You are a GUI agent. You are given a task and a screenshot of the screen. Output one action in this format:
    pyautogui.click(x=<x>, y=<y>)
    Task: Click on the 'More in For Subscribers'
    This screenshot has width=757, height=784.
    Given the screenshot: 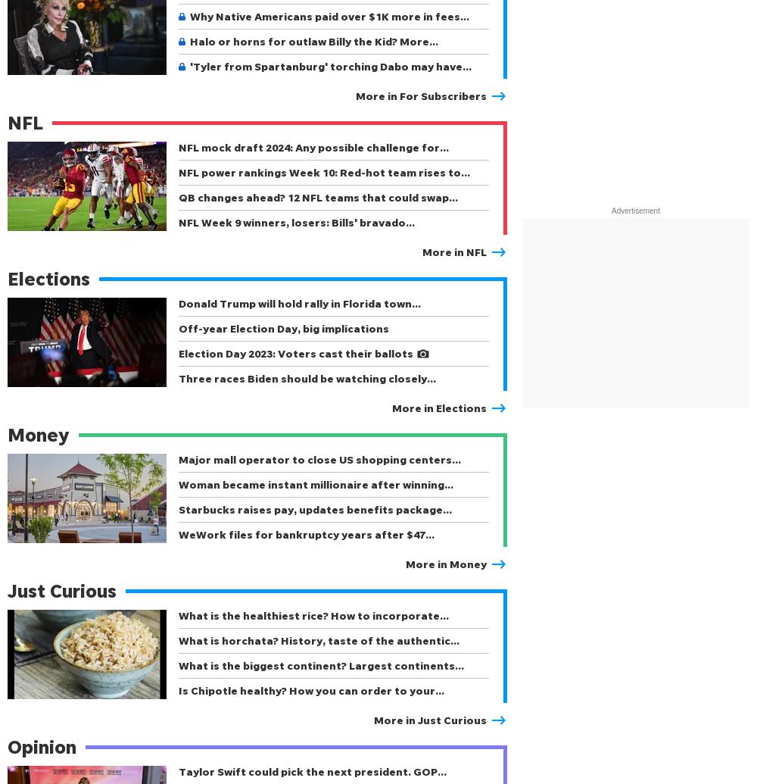 What is the action you would take?
    pyautogui.click(x=421, y=95)
    